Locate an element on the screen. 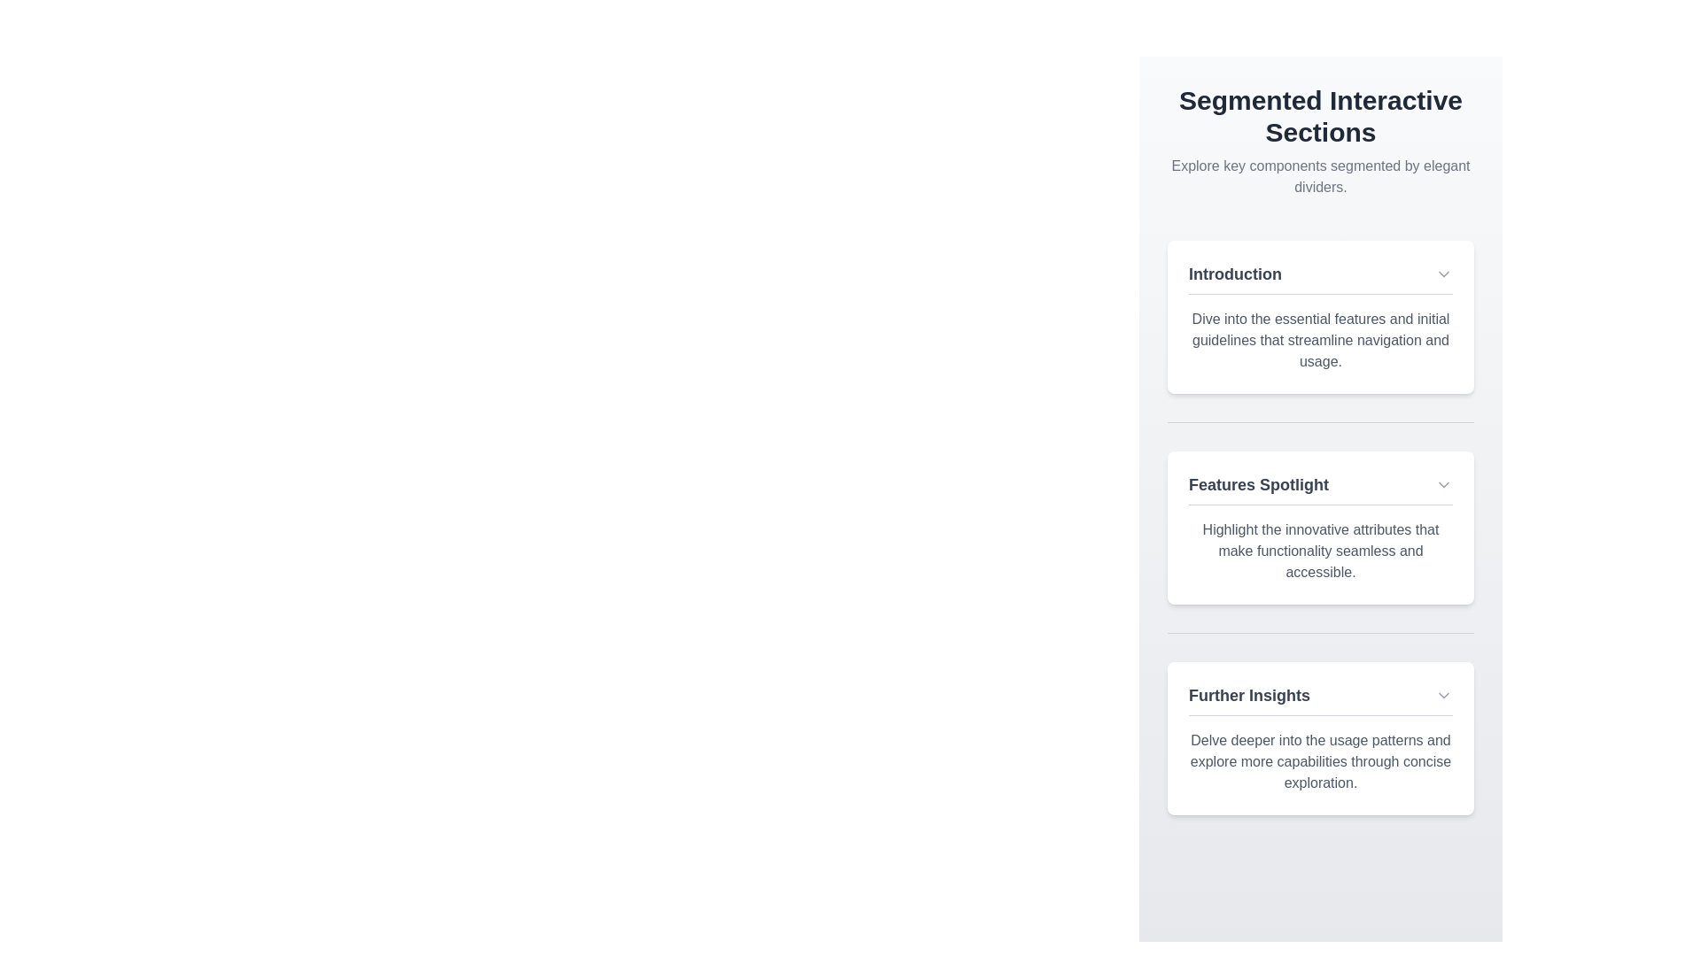  text block located directly underneath the title 'Introduction,' which provides additional context or guidance about the section is located at coordinates (1321, 341).